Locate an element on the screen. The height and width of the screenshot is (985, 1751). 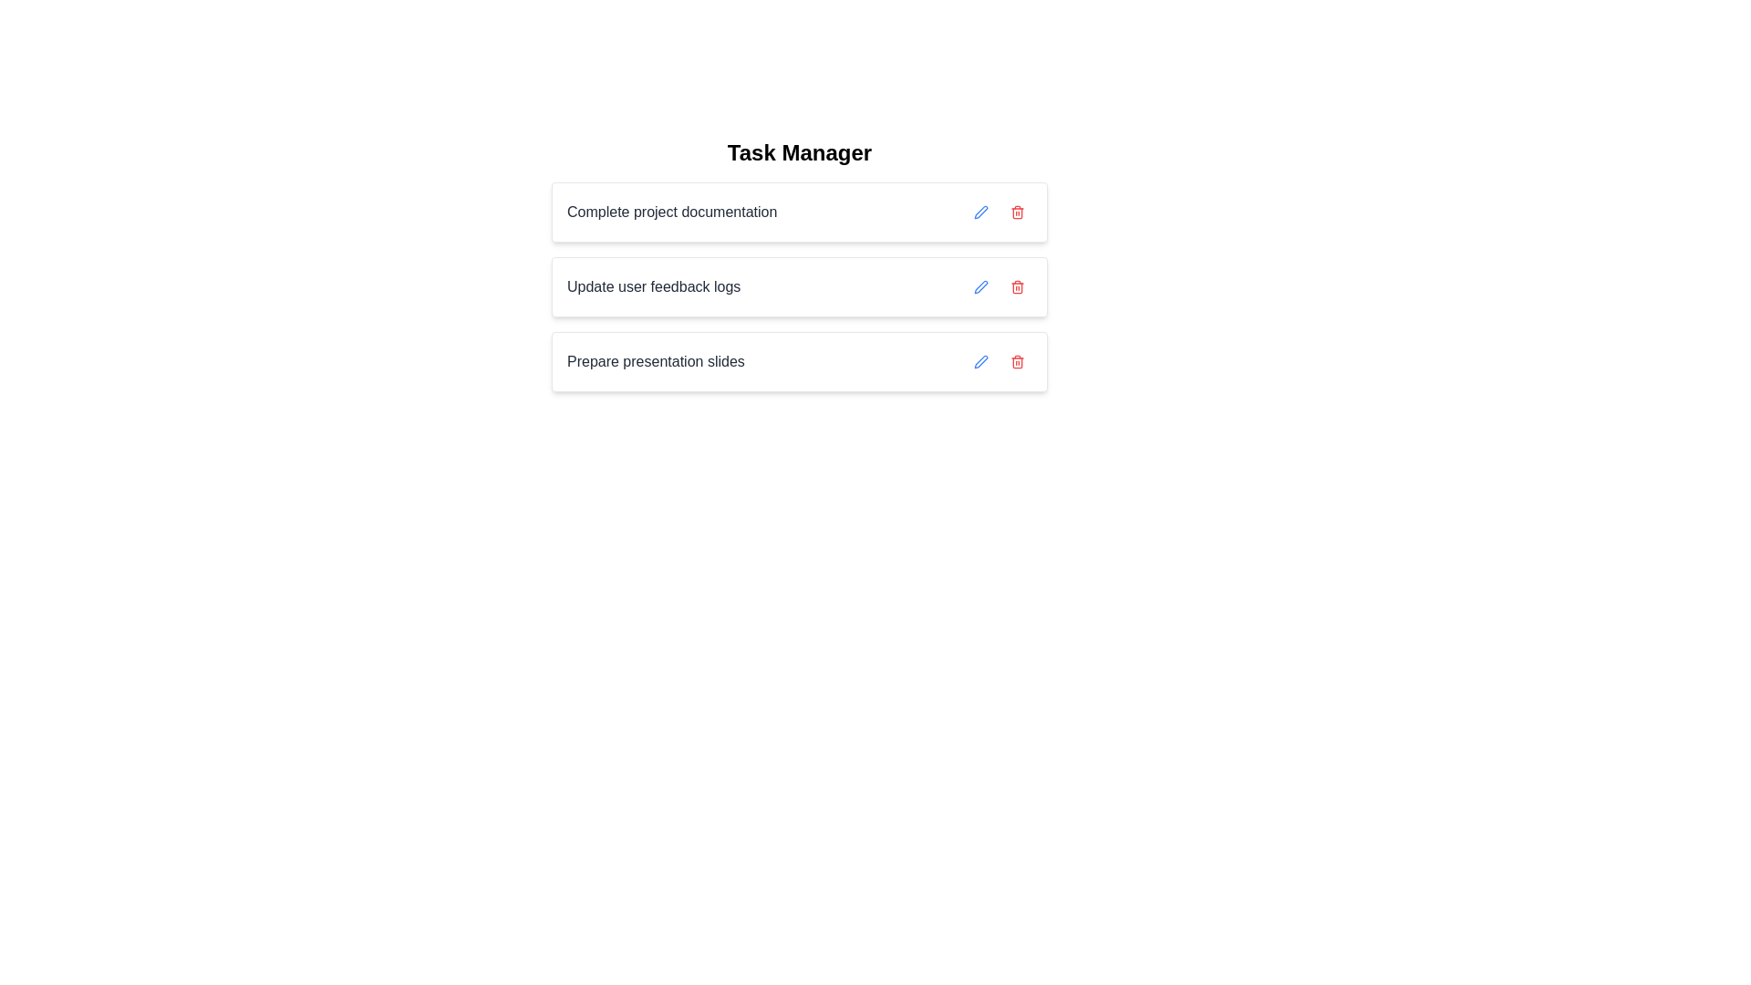
the delete button located on the far right of the third task row is located at coordinates (1017, 362).